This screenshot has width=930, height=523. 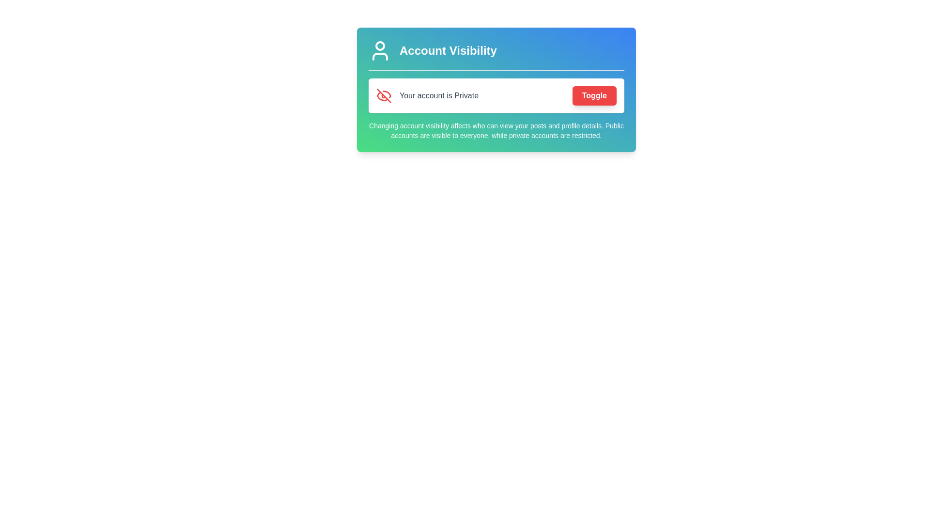 What do you see at coordinates (380, 50) in the screenshot?
I see `the circular user silhouette icon that is white in color and located on a gradient background, positioned to the left of the 'Account Visibility' text` at bounding box center [380, 50].